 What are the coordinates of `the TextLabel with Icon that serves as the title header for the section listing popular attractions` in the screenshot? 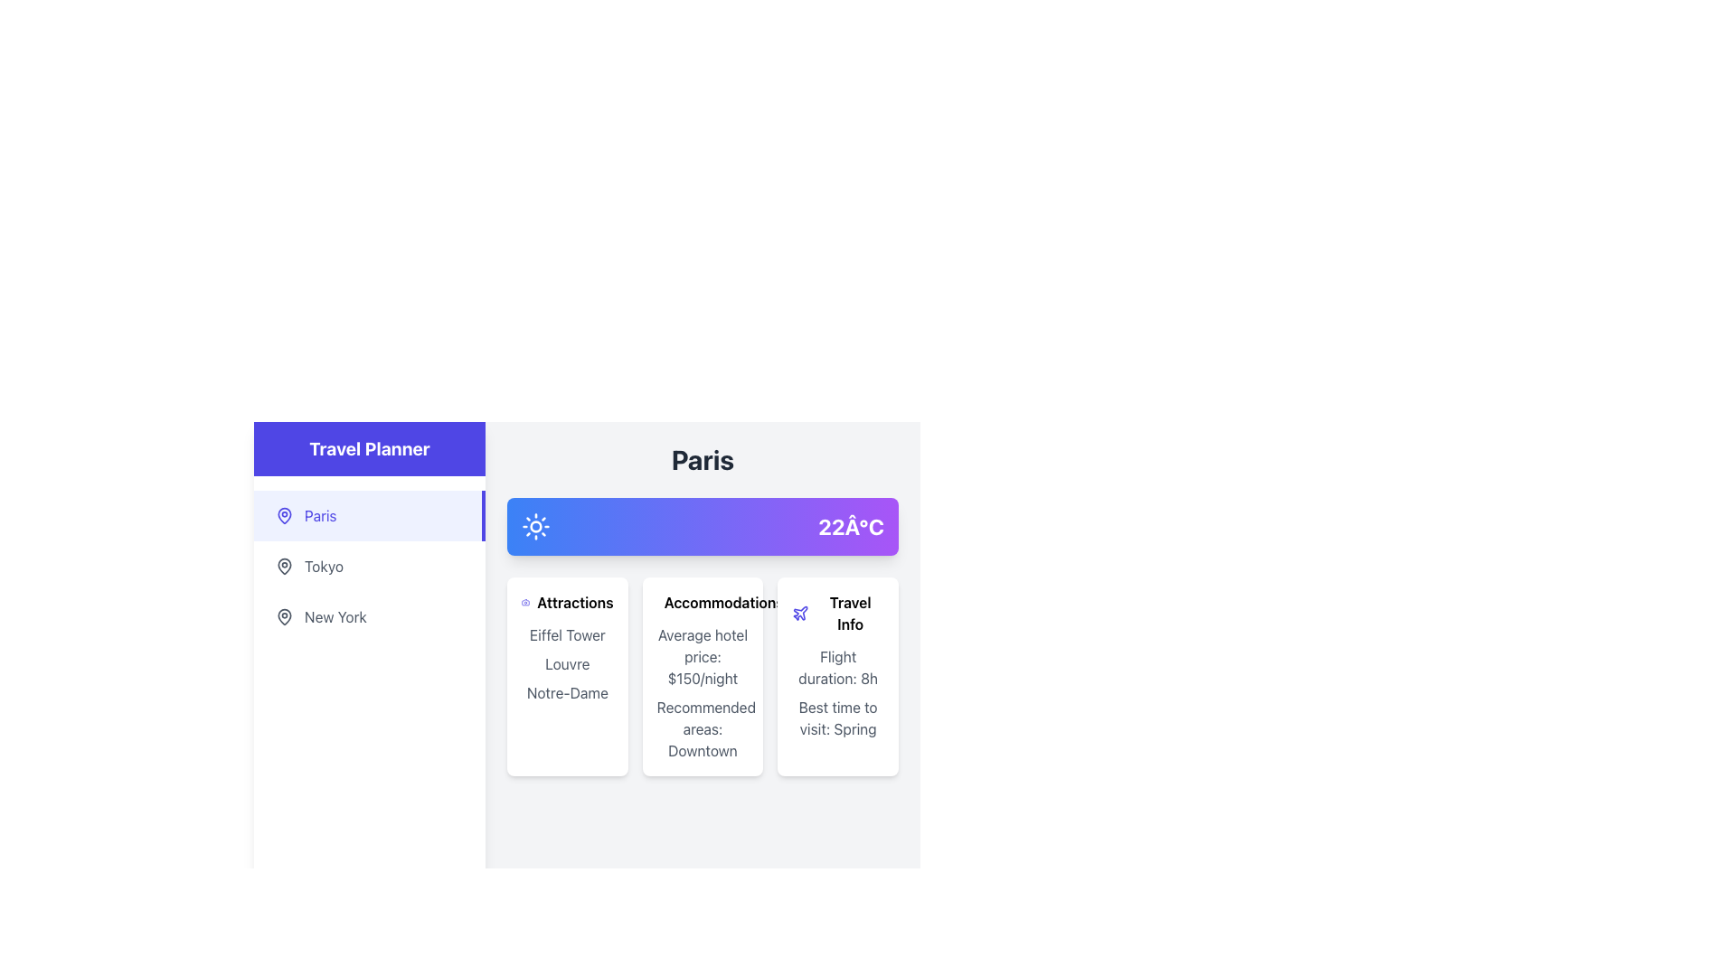 It's located at (566, 603).